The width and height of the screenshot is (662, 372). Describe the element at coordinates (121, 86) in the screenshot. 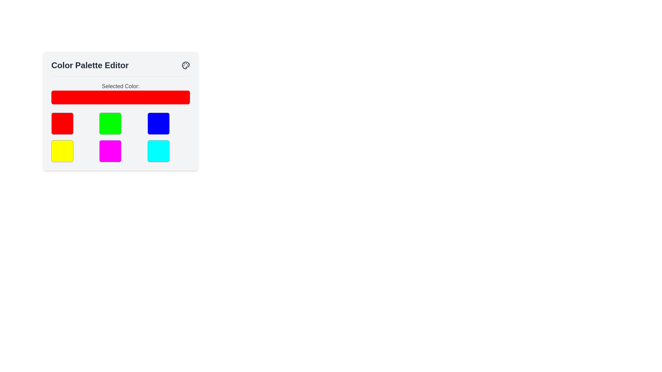

I see `the Text Label in the 'Color Palette Editor' modal that describes the associated color display element below it` at that location.